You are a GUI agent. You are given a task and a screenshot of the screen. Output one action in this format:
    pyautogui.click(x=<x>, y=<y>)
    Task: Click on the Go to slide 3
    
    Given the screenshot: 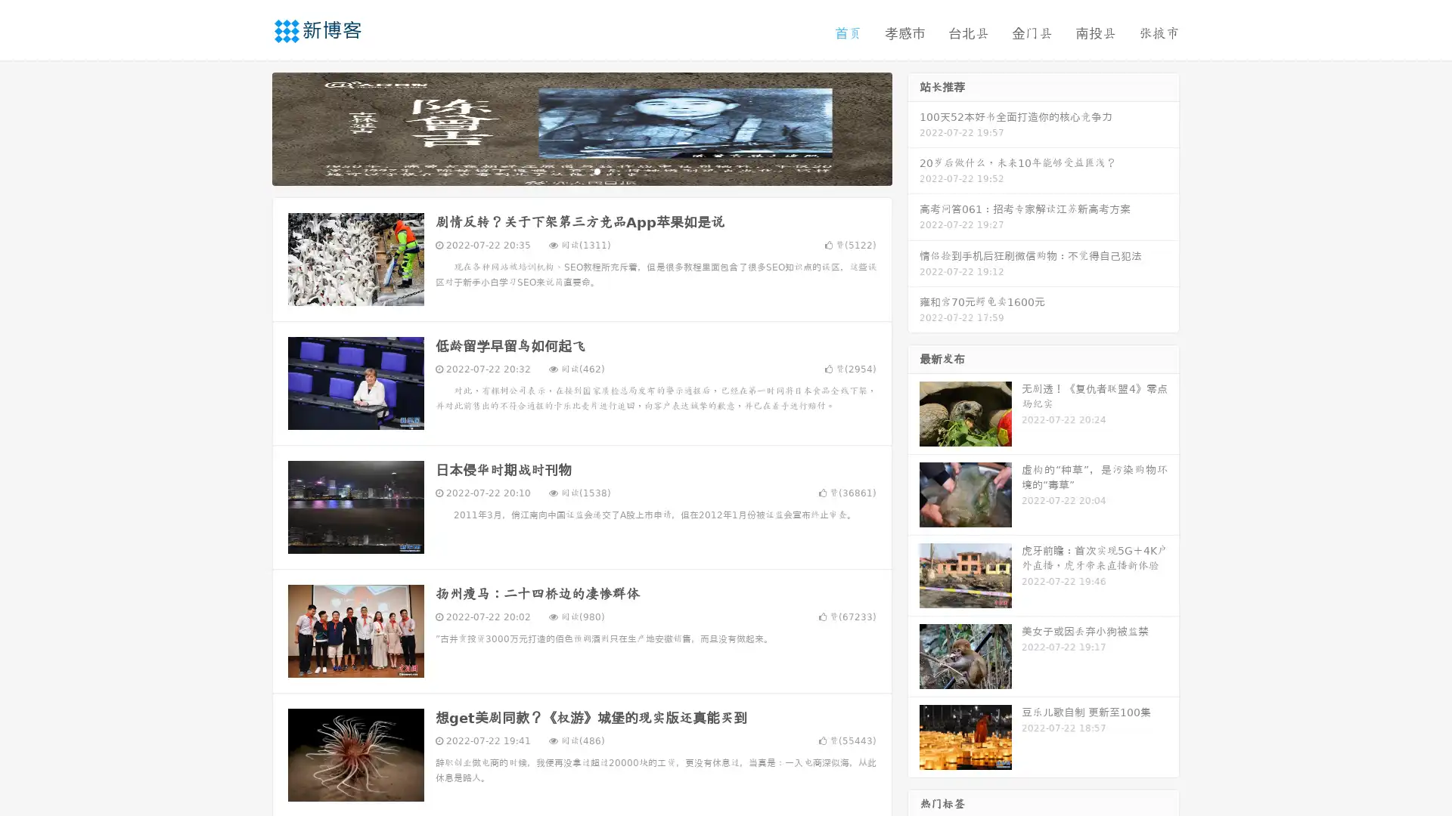 What is the action you would take?
    pyautogui.click(x=597, y=170)
    